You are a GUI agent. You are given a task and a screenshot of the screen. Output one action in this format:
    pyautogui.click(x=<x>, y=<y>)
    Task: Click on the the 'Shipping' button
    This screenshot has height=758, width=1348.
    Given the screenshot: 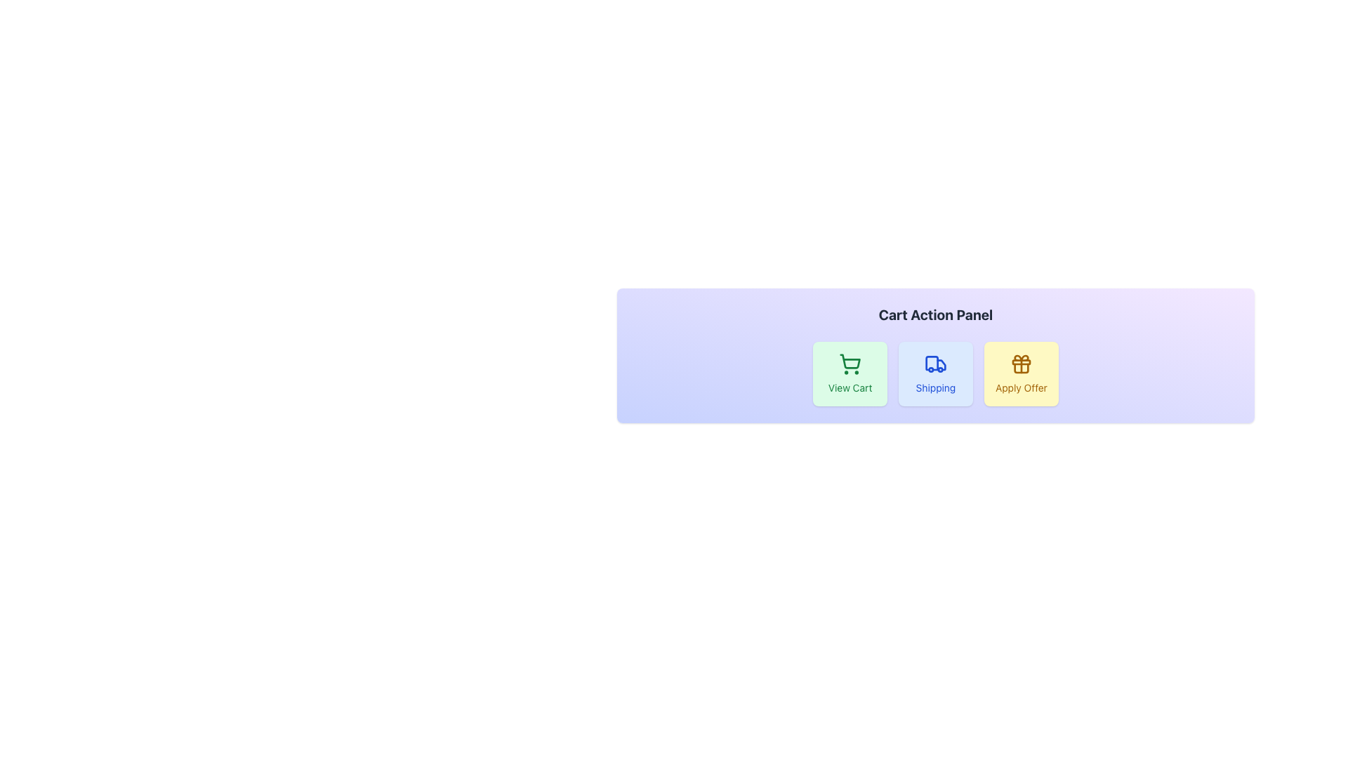 What is the action you would take?
    pyautogui.click(x=936, y=373)
    